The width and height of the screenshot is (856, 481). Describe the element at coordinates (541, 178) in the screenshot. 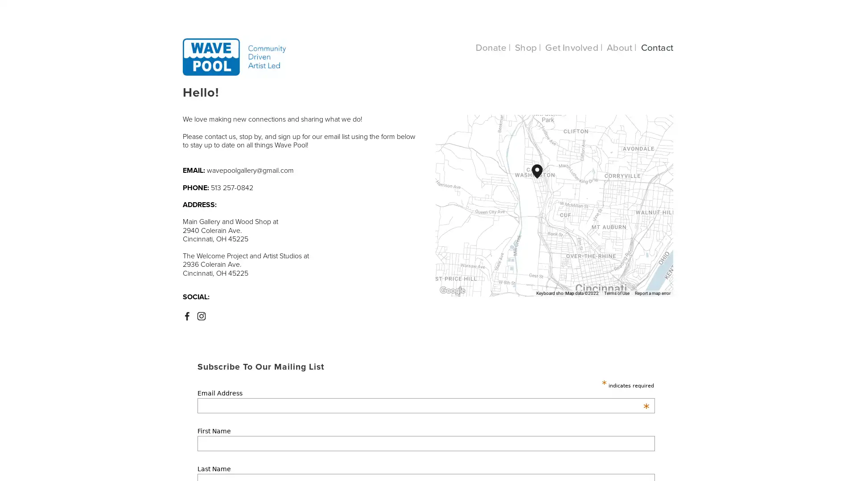

I see `2940 Colerain Ave. Cincinnati, United States` at that location.